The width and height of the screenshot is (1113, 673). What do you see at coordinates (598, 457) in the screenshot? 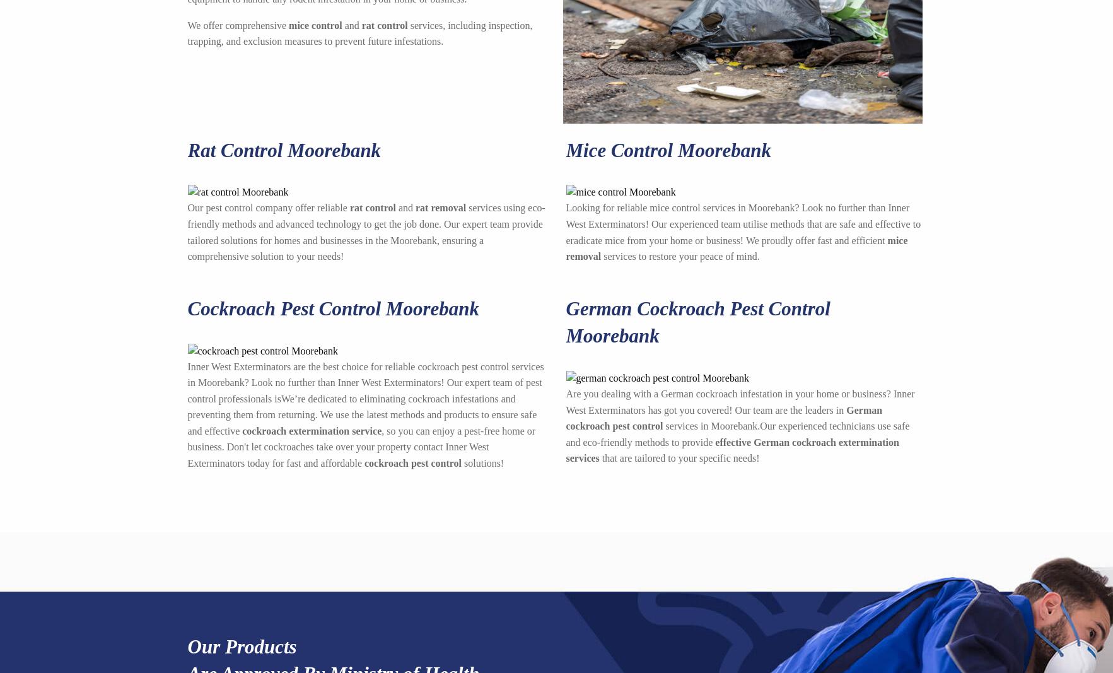
I see `'that are tailored to your specific needs!'` at bounding box center [598, 457].